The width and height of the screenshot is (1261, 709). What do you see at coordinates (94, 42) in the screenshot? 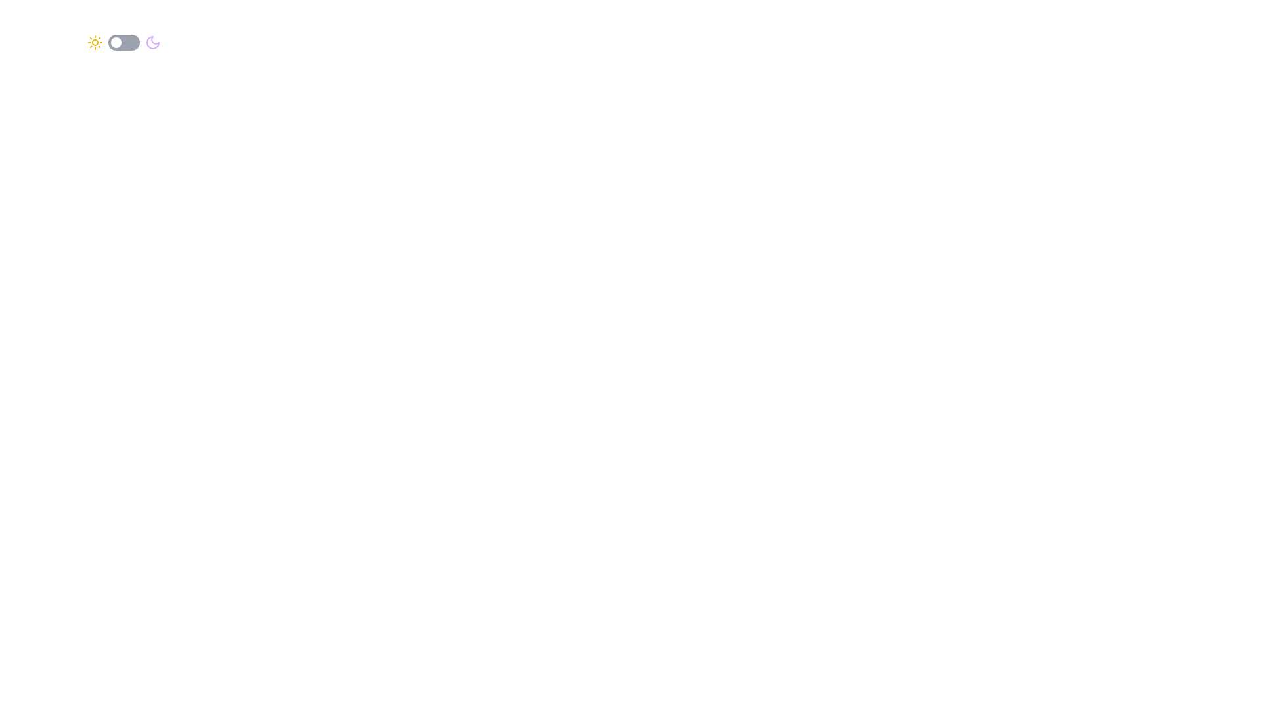
I see `the vibrant yellow sun-shaped icon located on the left side of the interface, which features a circular center with radial lines extending outward` at bounding box center [94, 42].